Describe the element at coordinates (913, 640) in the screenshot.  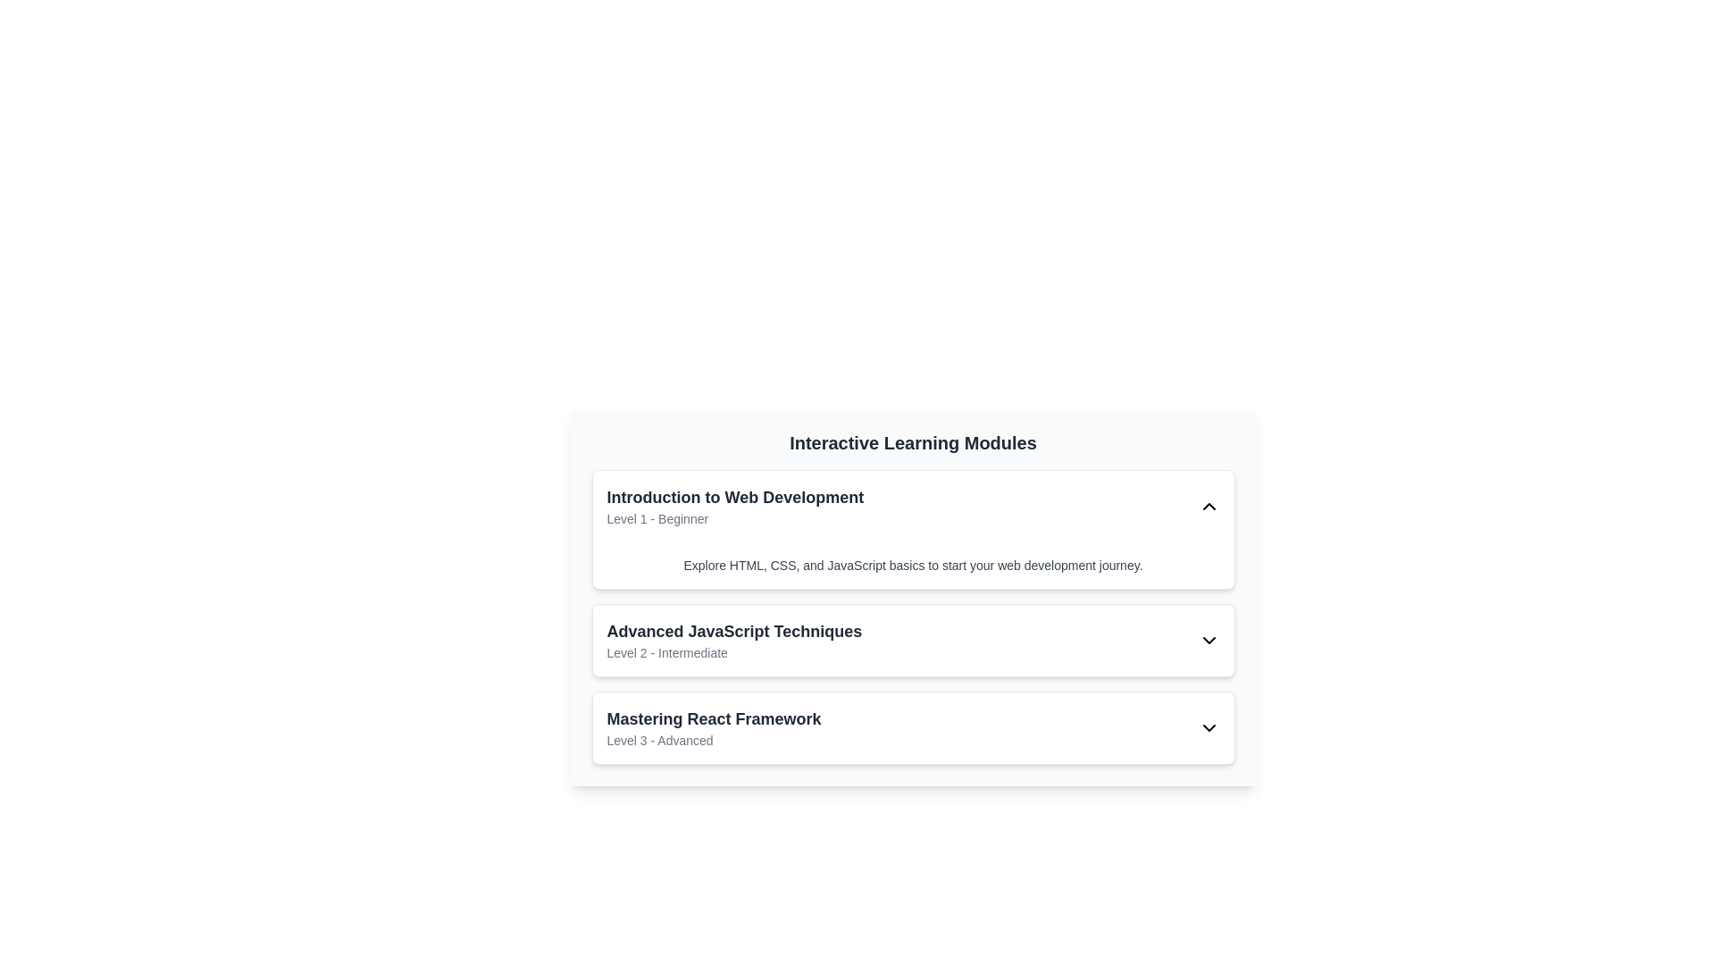
I see `the interactive list item for 'Advanced JavaScript Techniques'` at that location.